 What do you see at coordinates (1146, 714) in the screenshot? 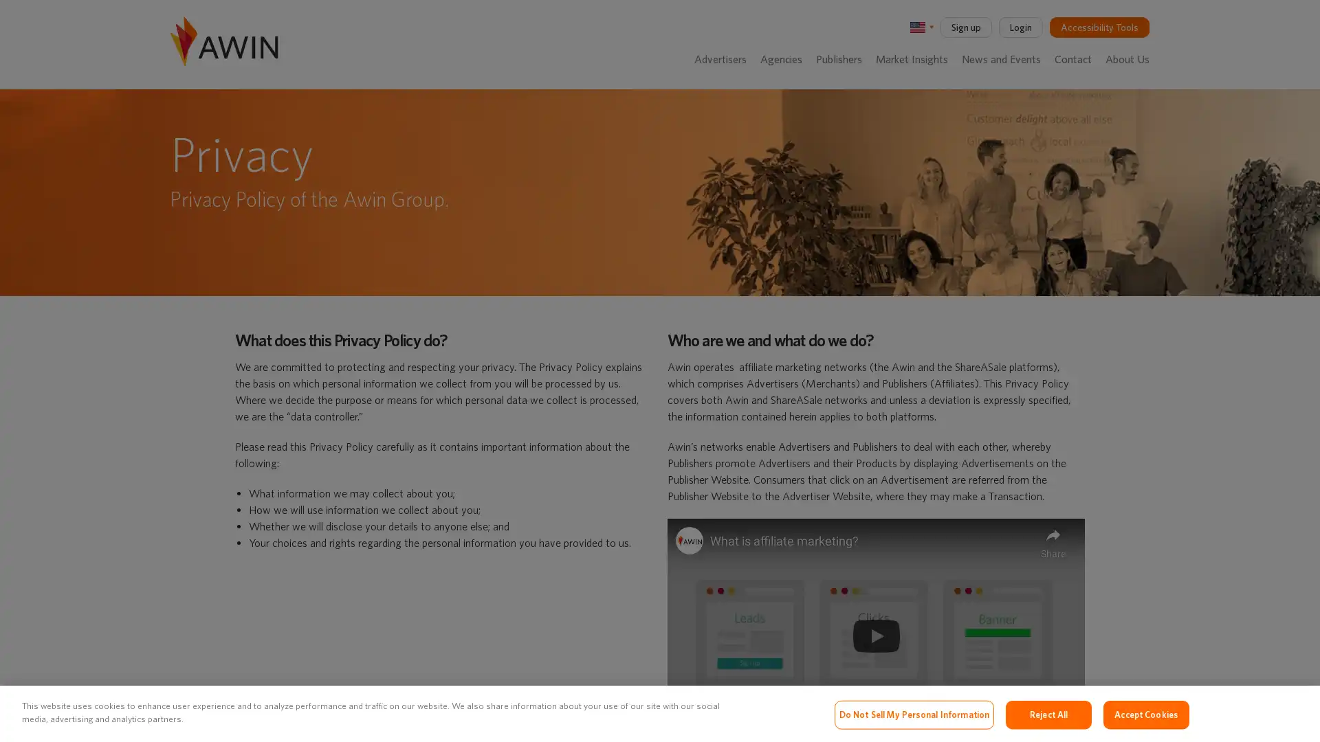
I see `Accept Cookies` at bounding box center [1146, 714].